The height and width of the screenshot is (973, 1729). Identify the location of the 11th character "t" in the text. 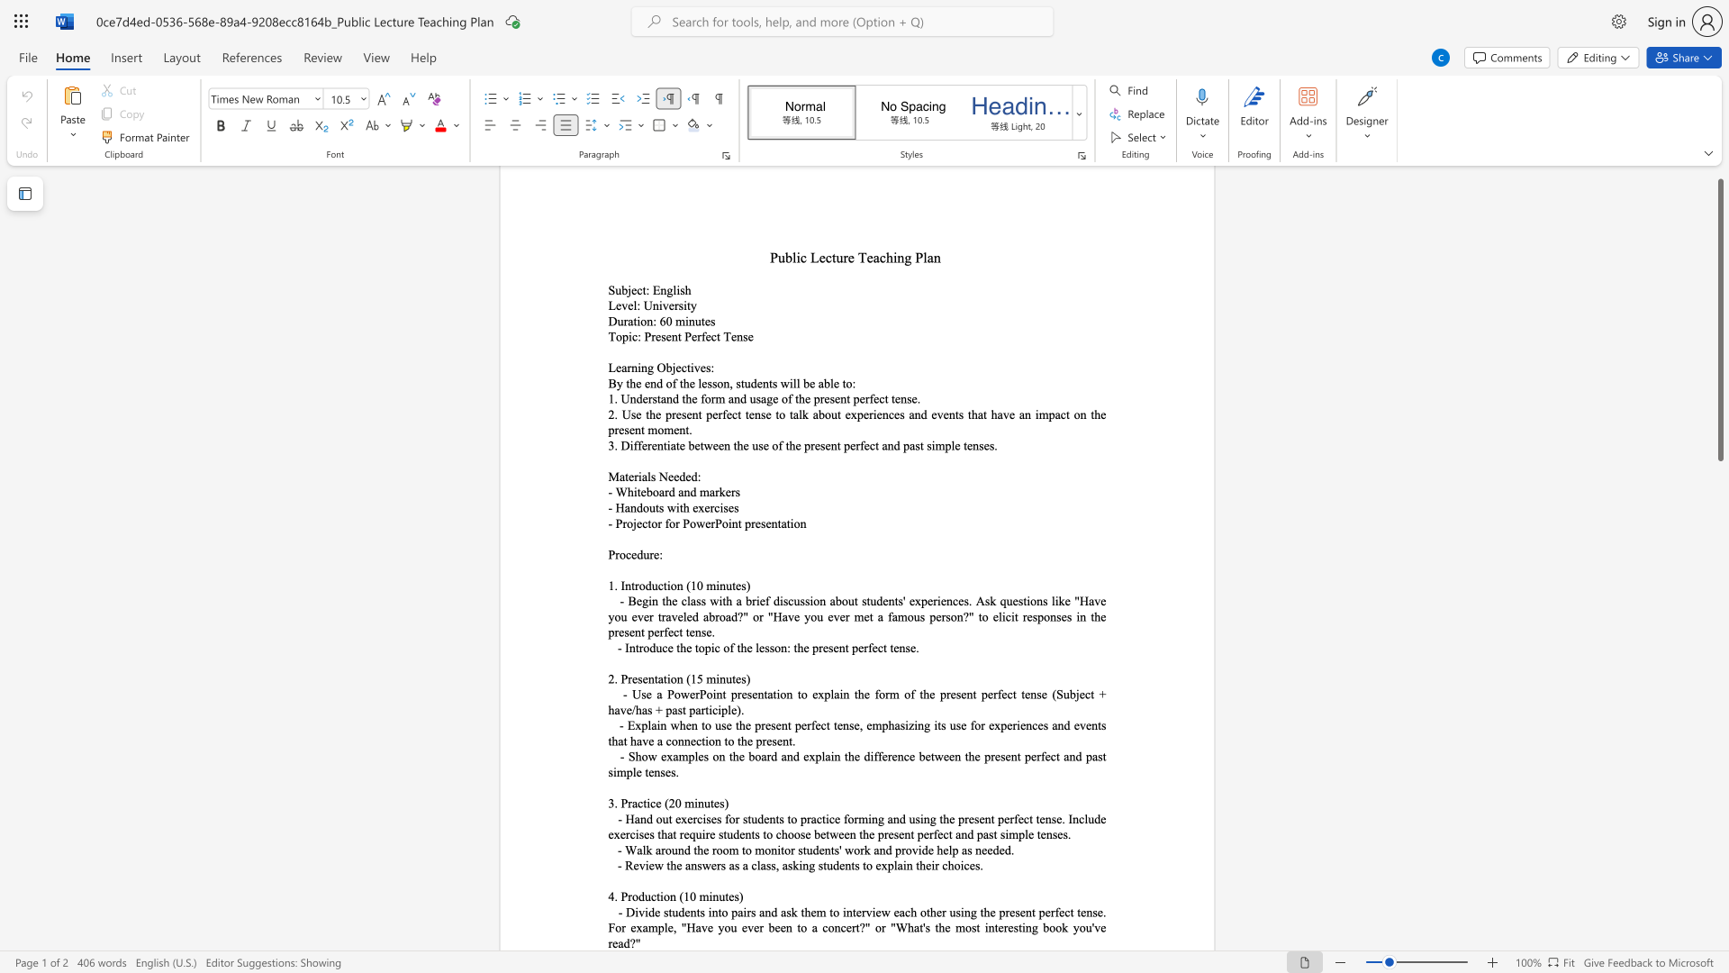
(1079, 912).